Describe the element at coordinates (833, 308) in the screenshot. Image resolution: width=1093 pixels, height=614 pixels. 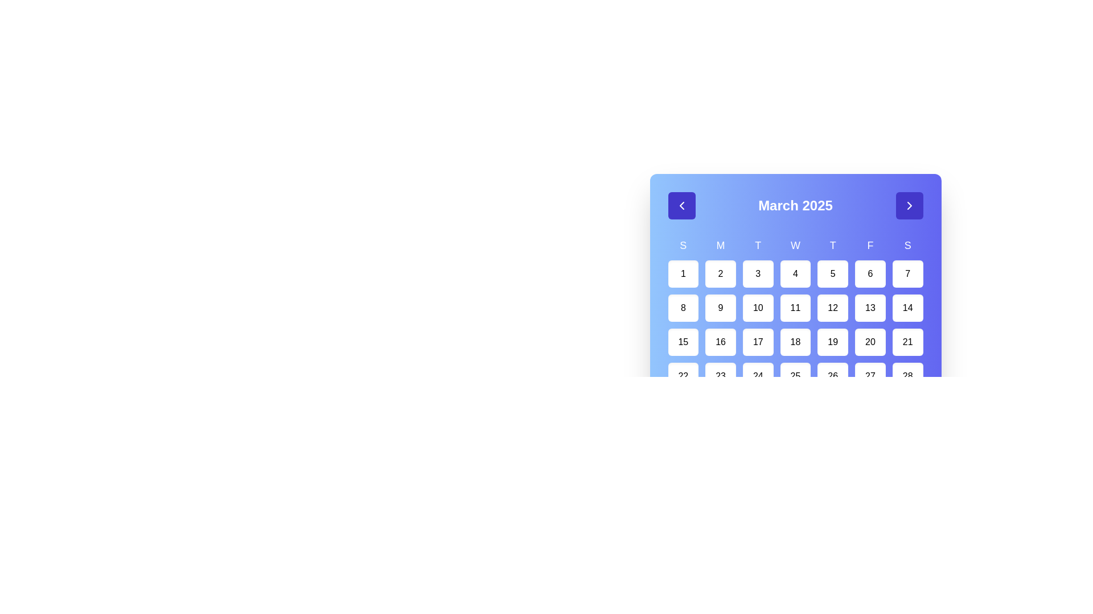
I see `the rounded rectangular button with a white background and the number '12' in black font` at that location.